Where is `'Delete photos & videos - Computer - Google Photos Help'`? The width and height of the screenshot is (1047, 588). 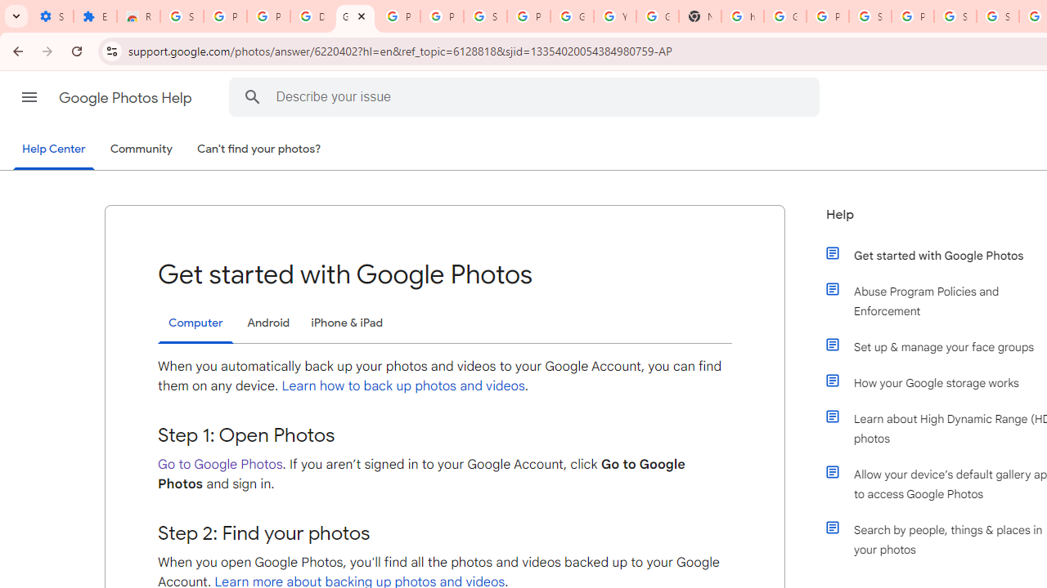
'Delete photos & videos - Computer - Google Photos Help' is located at coordinates (312, 16).